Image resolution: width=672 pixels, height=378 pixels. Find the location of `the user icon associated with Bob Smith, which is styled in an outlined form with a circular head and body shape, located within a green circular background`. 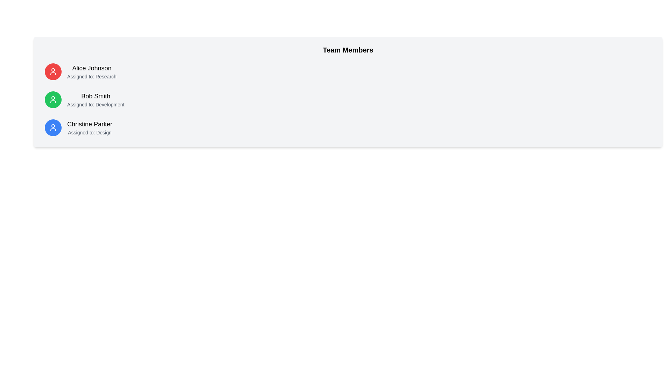

the user icon associated with Bob Smith, which is styled in an outlined form with a circular head and body shape, located within a green circular background is located at coordinates (53, 100).